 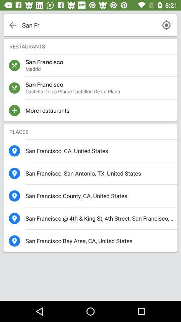 What do you see at coordinates (90, 131) in the screenshot?
I see `the places icon` at bounding box center [90, 131].